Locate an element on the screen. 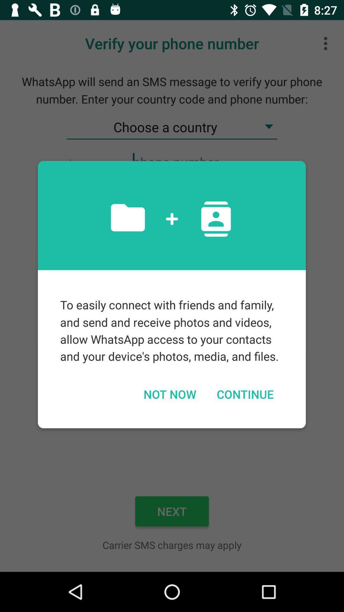  the icon below the to easily connect icon is located at coordinates (169, 394).